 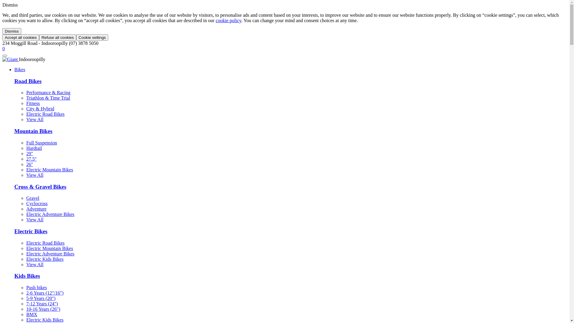 I want to click on 'Kids Bikes', so click(x=27, y=276).